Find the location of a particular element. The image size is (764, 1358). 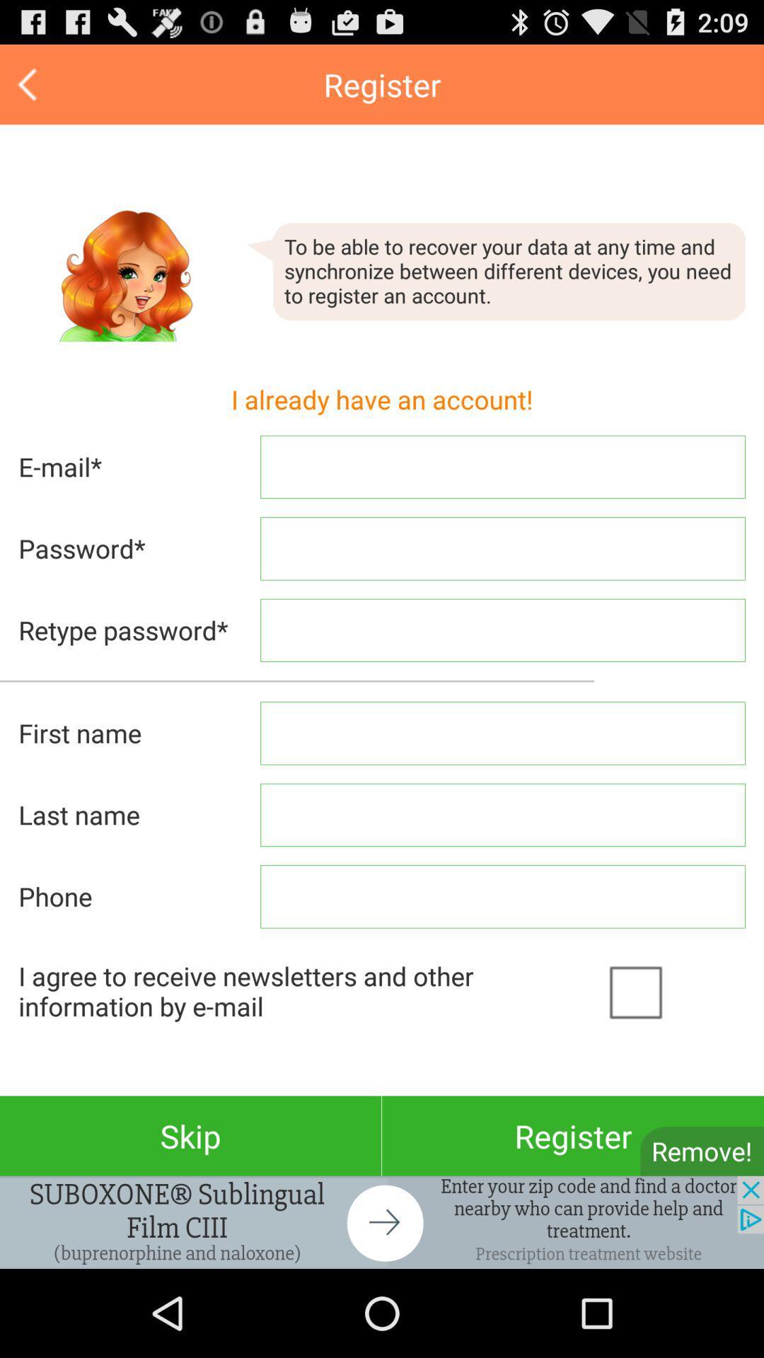

check box is located at coordinates (672, 990).